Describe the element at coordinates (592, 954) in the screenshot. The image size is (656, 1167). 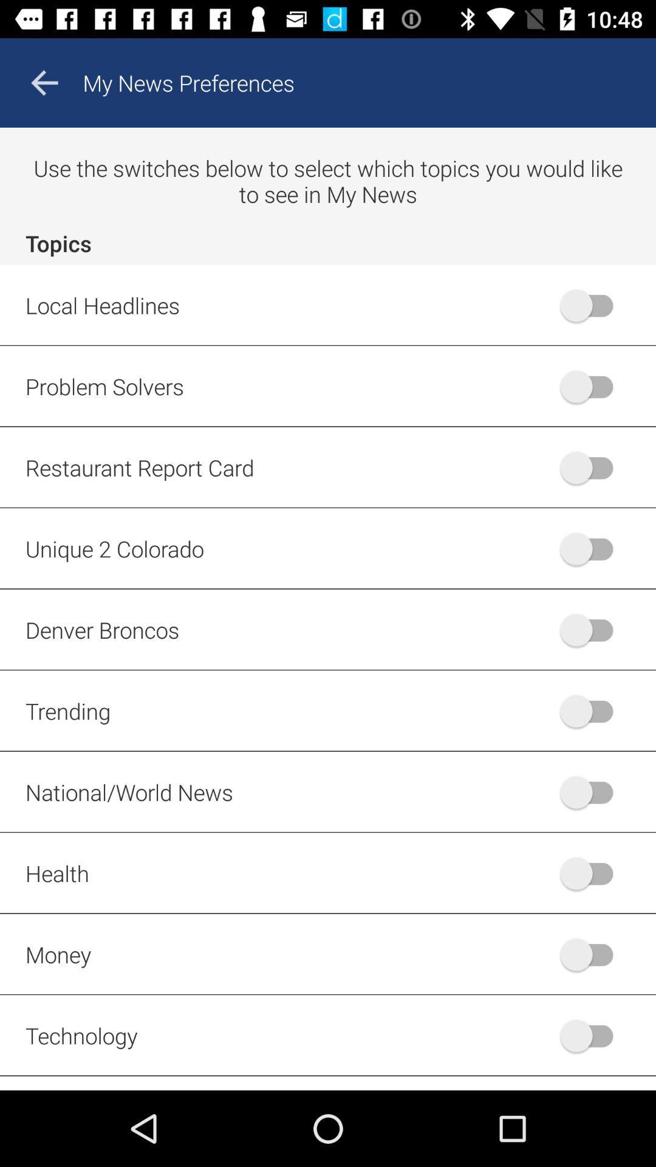
I see `the radio button` at that location.